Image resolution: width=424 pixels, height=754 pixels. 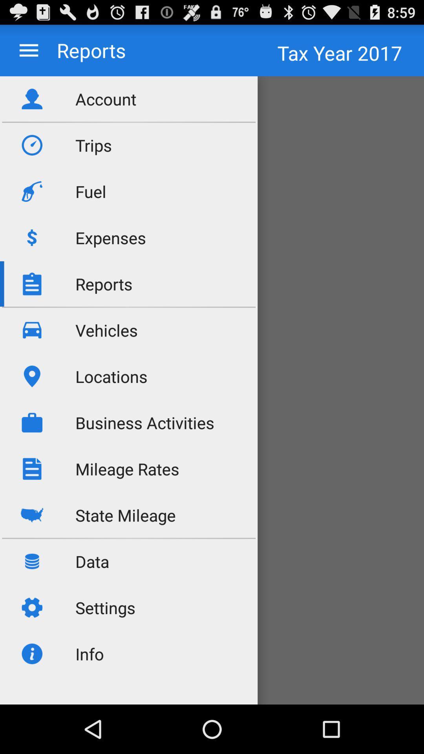 I want to click on open menu, so click(x=28, y=50).